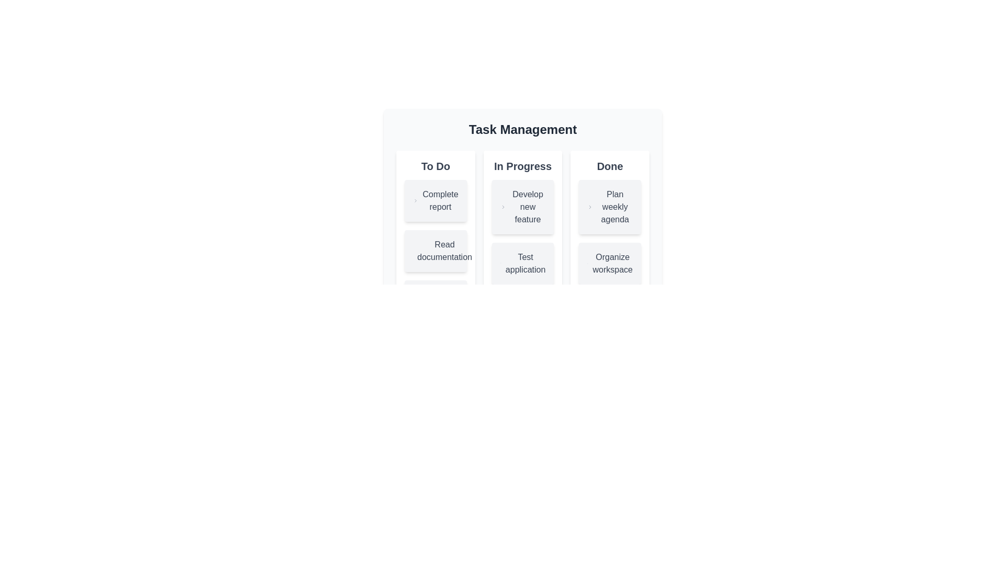 Image resolution: width=1004 pixels, height=565 pixels. What do you see at coordinates (610, 207) in the screenshot?
I see `the card displaying 'Plan weekly agenda' in bold, dark gray letters` at bounding box center [610, 207].